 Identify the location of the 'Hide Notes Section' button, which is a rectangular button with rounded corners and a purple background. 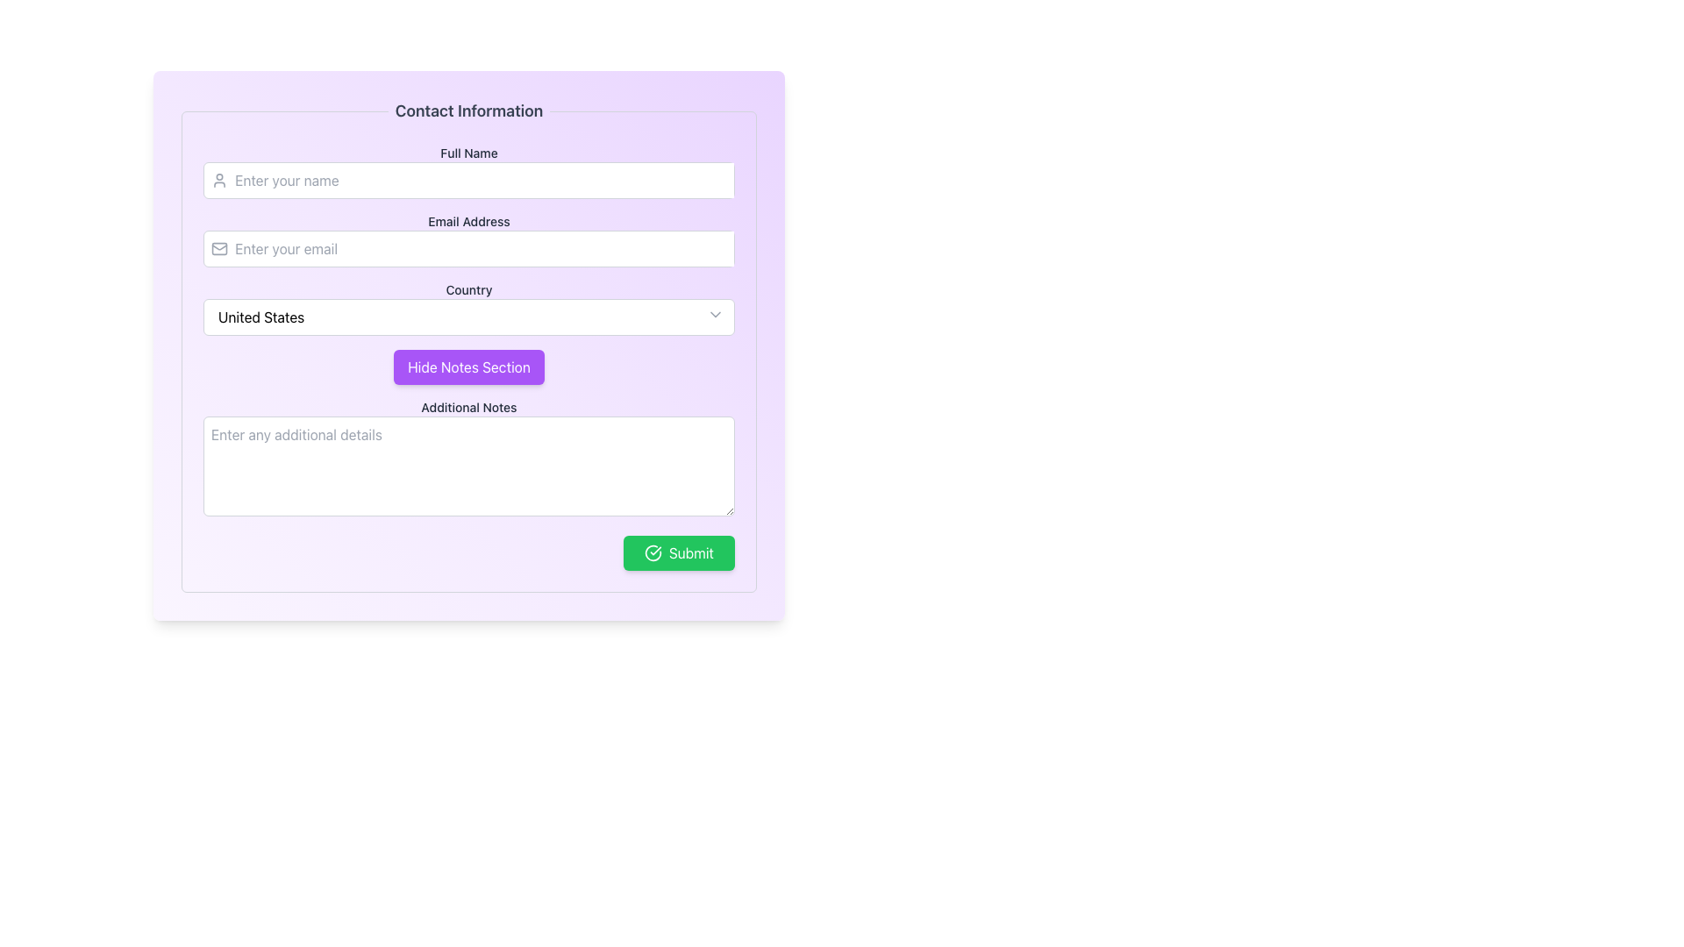
(468, 367).